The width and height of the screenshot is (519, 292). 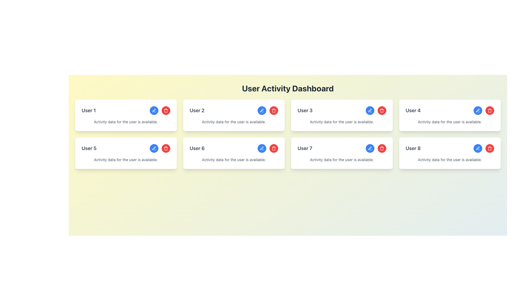 What do you see at coordinates (478, 110) in the screenshot?
I see `the pen icon button located at the top-right section of the 'User 4' card` at bounding box center [478, 110].